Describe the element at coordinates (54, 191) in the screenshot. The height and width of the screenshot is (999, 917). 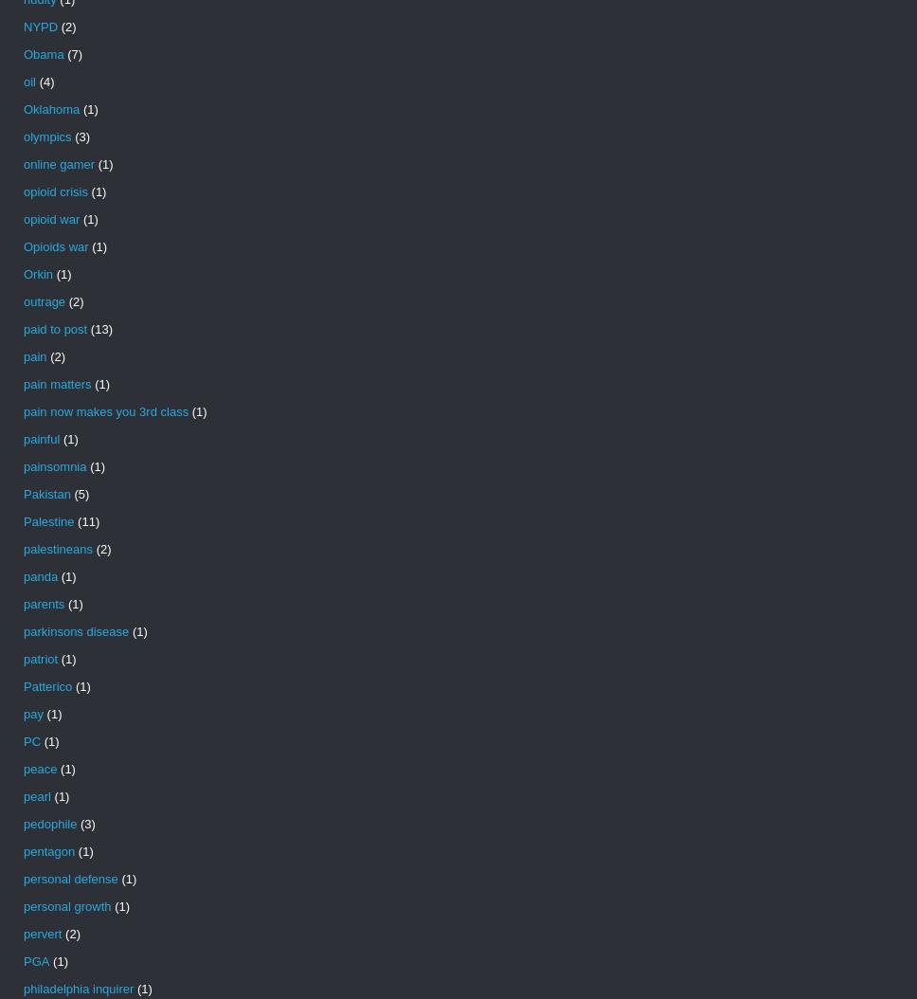
I see `'opioid crisis'` at that location.